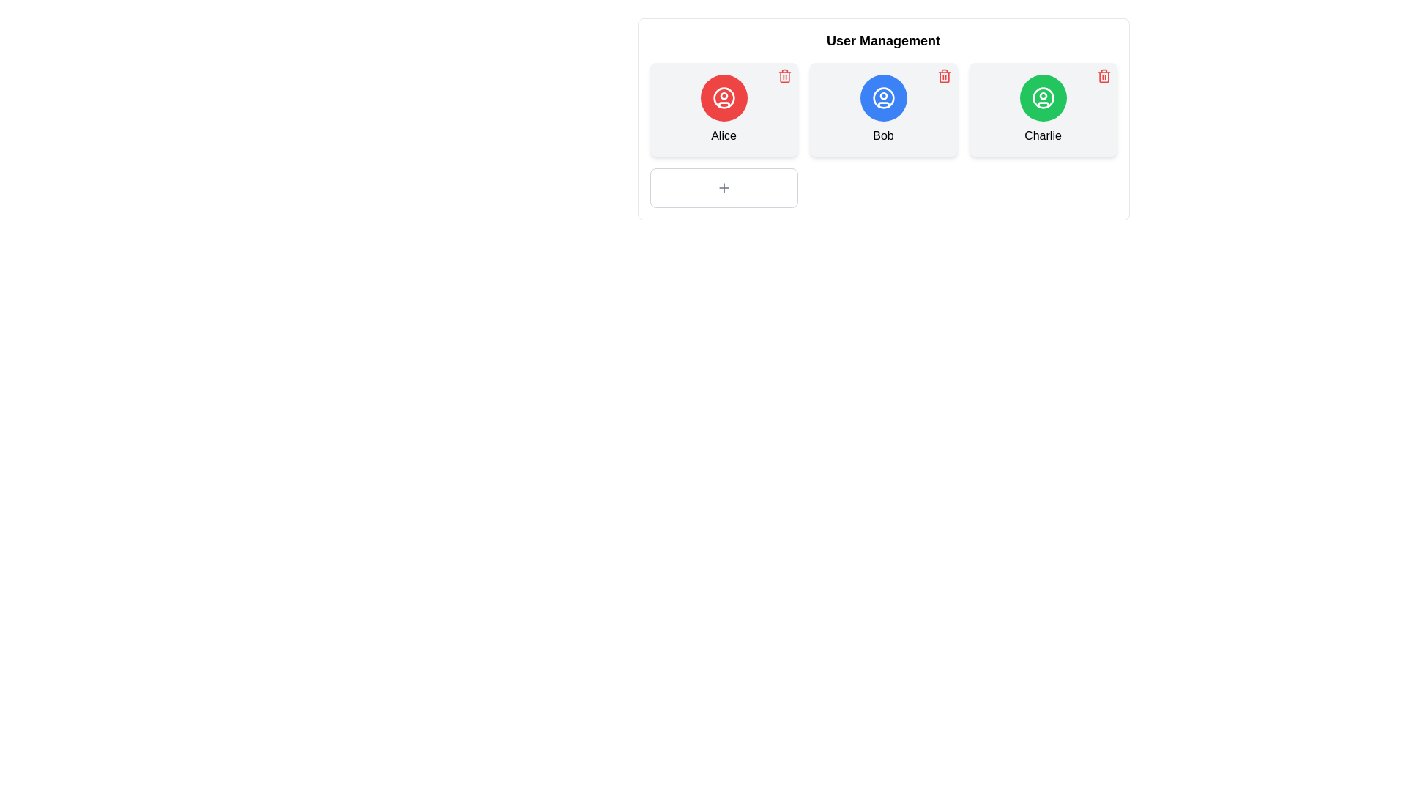 The height and width of the screenshot is (791, 1406). Describe the element at coordinates (724, 98) in the screenshot. I see `the user profile icon representing 'Alice' located on the leftmost side of the row of user icons` at that location.